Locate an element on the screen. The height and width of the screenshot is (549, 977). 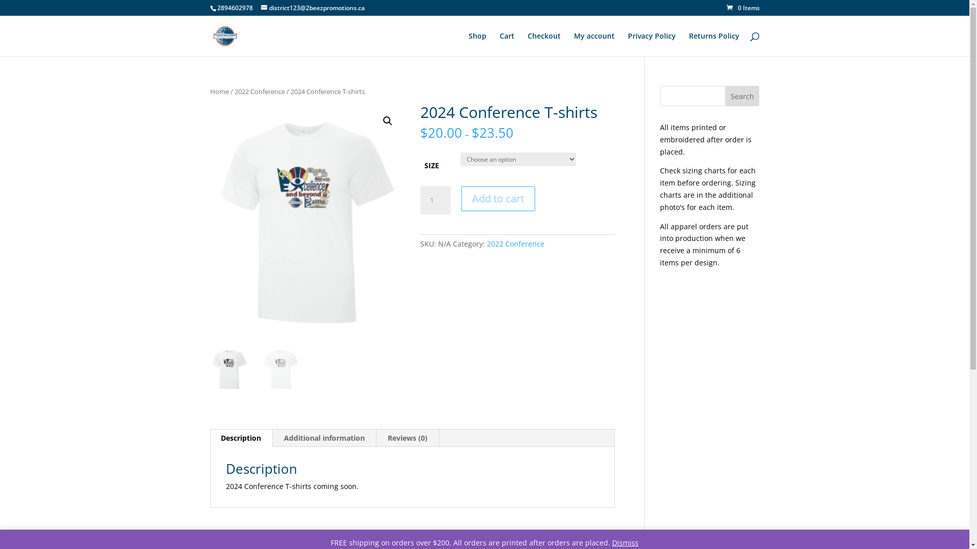
'Shop' is located at coordinates (476, 44).